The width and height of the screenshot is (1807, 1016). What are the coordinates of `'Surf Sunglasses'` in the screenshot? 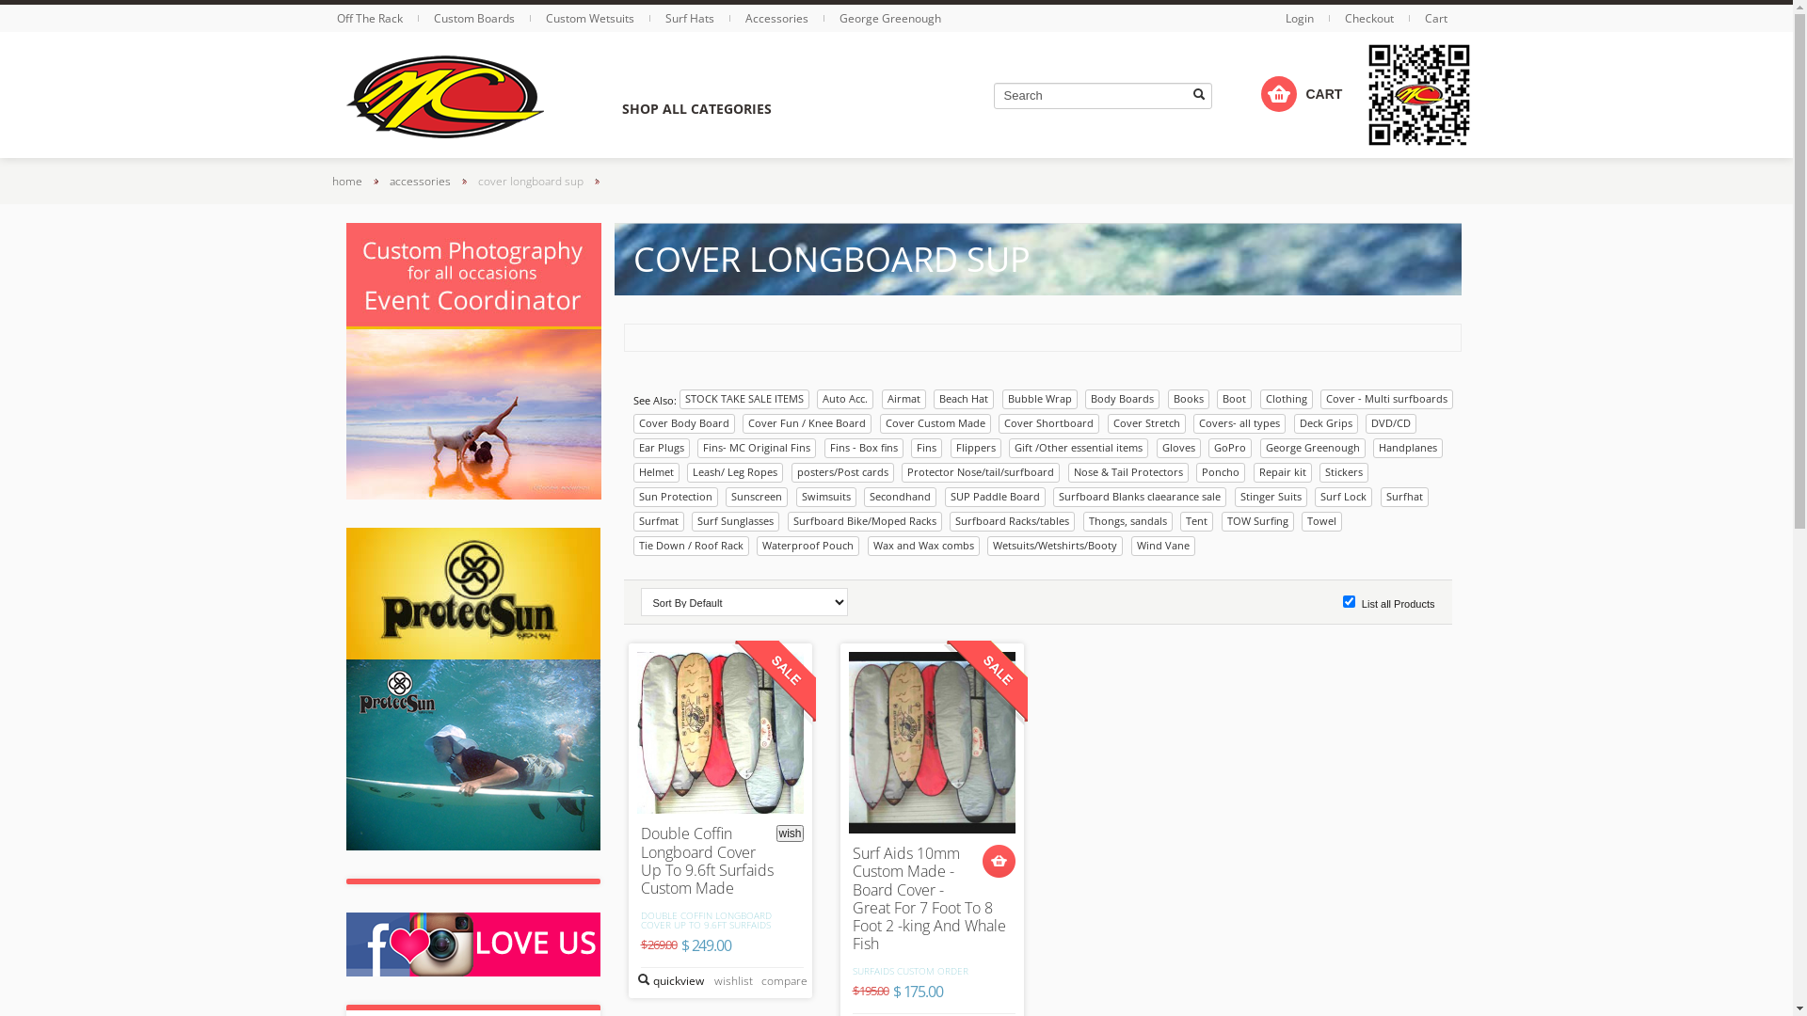 It's located at (690, 521).